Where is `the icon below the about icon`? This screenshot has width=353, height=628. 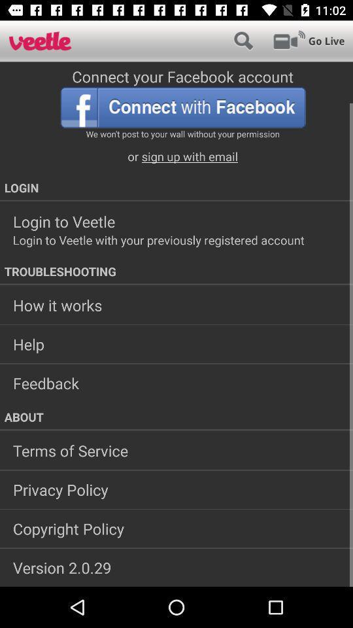
the icon below the about icon is located at coordinates (176, 451).